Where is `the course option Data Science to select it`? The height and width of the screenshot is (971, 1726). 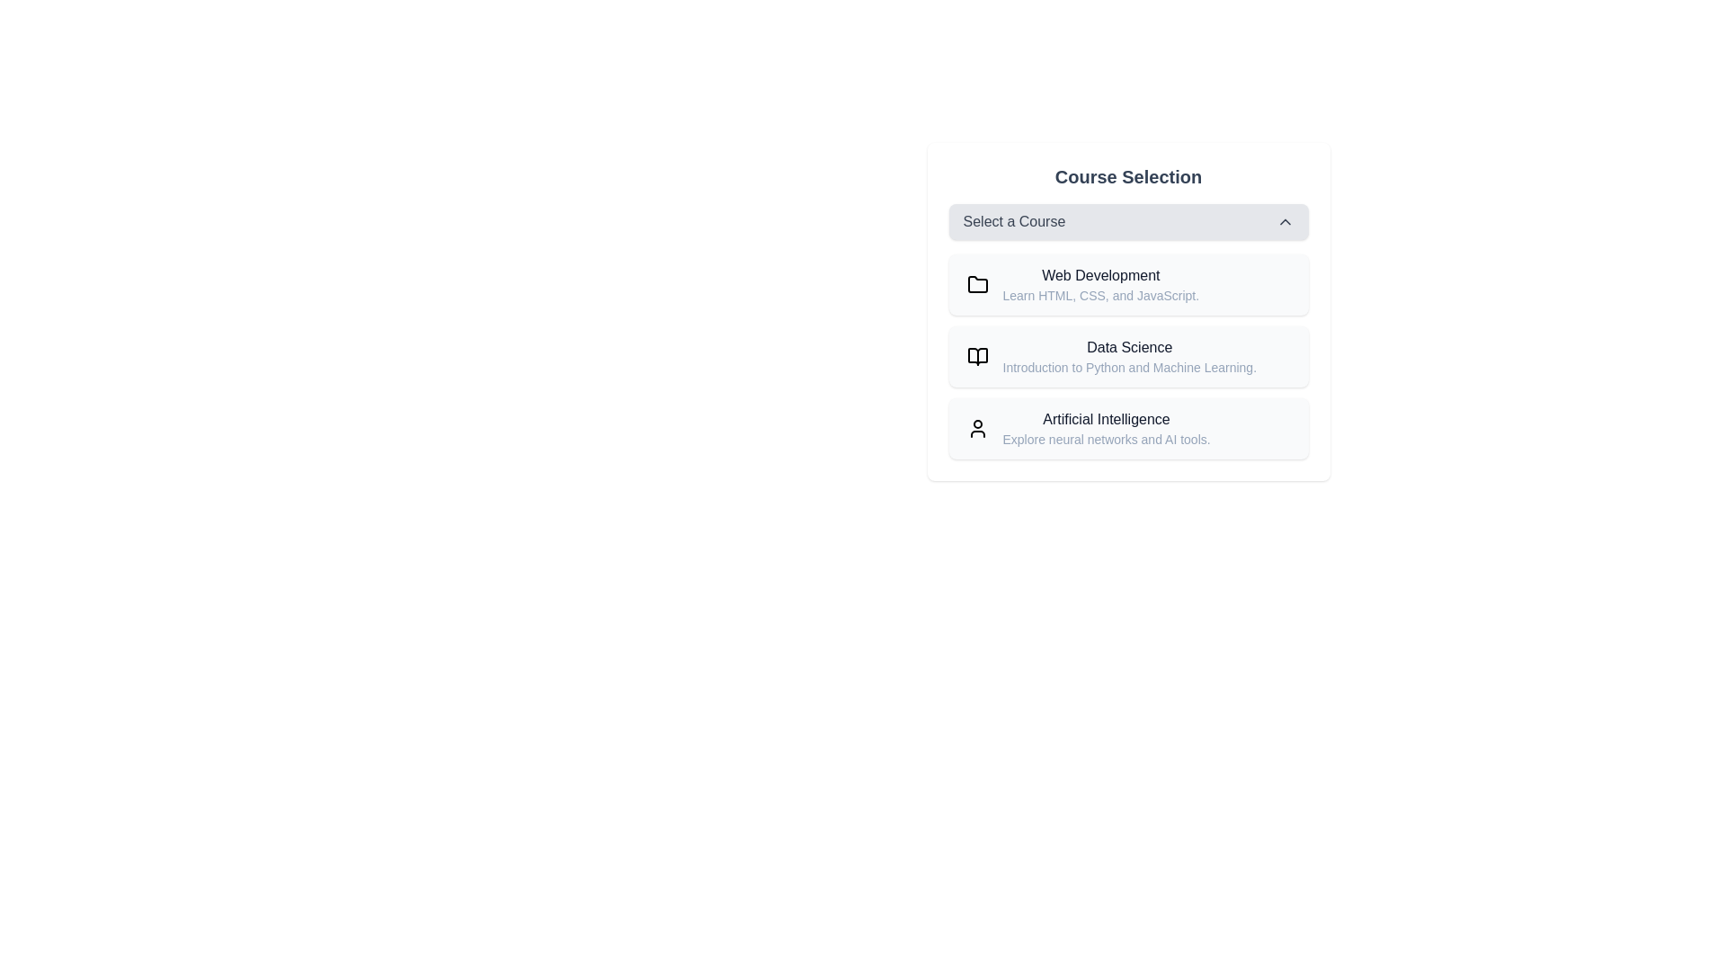
the course option Data Science to select it is located at coordinates (1127, 357).